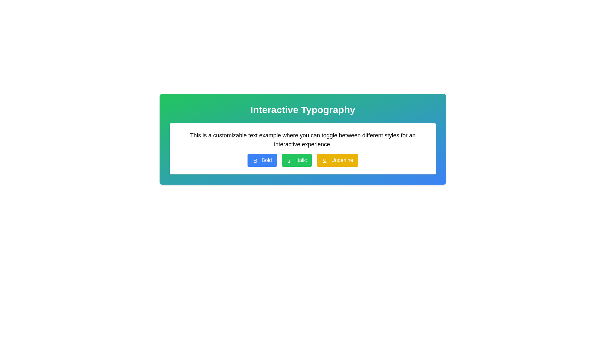 This screenshot has height=345, width=614. I want to click on the 'Italic' button, which is styled with a green background and includes an italicized 'I' icon, so click(296, 160).